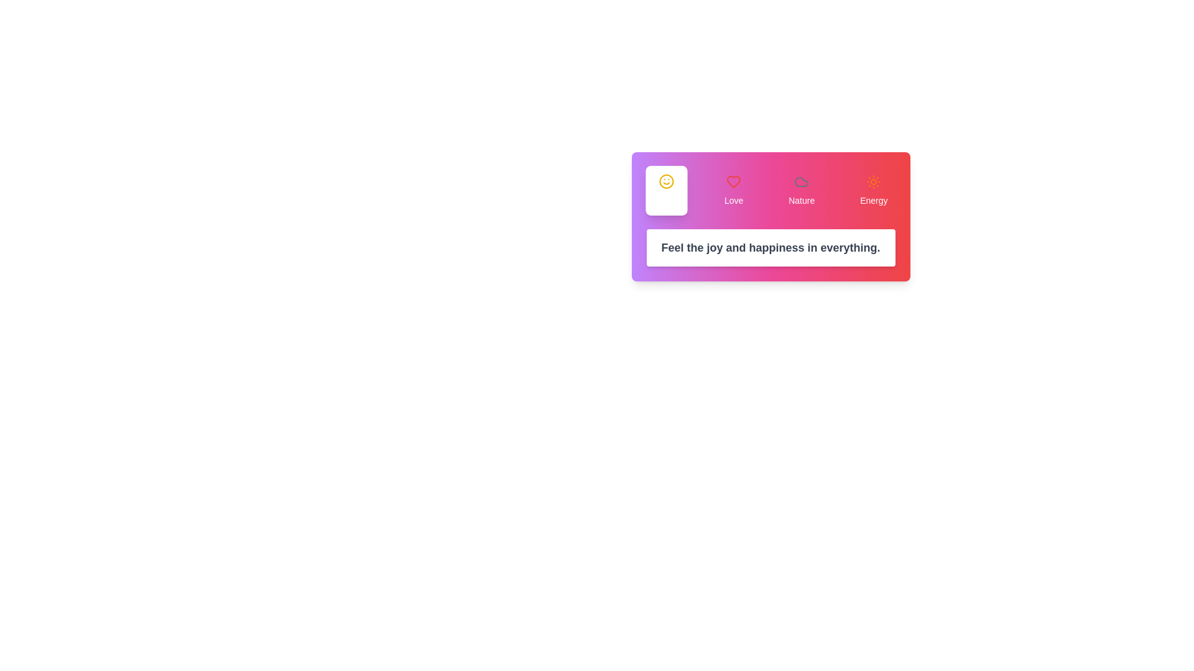 This screenshot has width=1194, height=671. I want to click on the Happy tab by clicking on it, so click(665, 191).